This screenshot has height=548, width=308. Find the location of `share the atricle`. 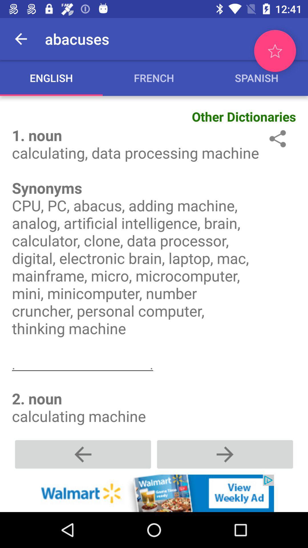

share the atricle is located at coordinates (276, 138).